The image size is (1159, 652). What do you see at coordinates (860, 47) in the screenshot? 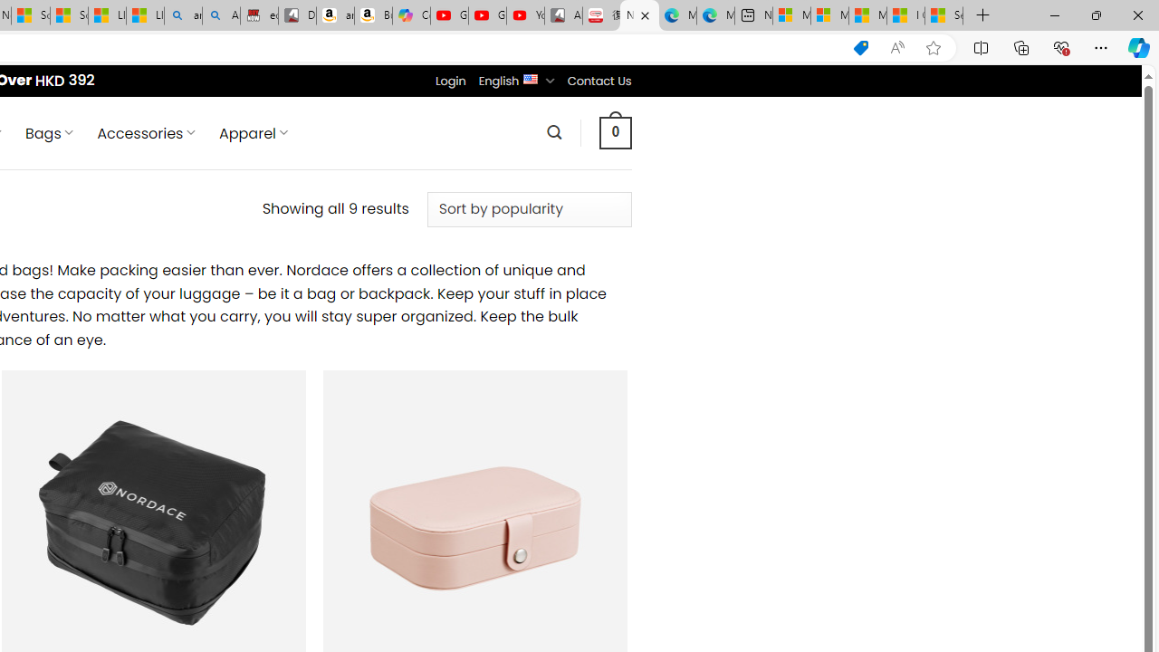
I see `'This site has coupons! Shopping in Microsoft Edge'` at bounding box center [860, 47].